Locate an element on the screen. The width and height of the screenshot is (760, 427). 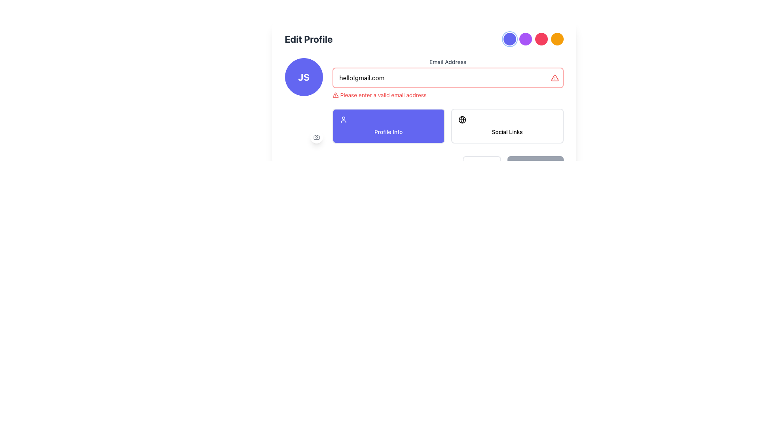
the vibrant indigo circular button located at the top-right section of the interface is located at coordinates (509, 39).